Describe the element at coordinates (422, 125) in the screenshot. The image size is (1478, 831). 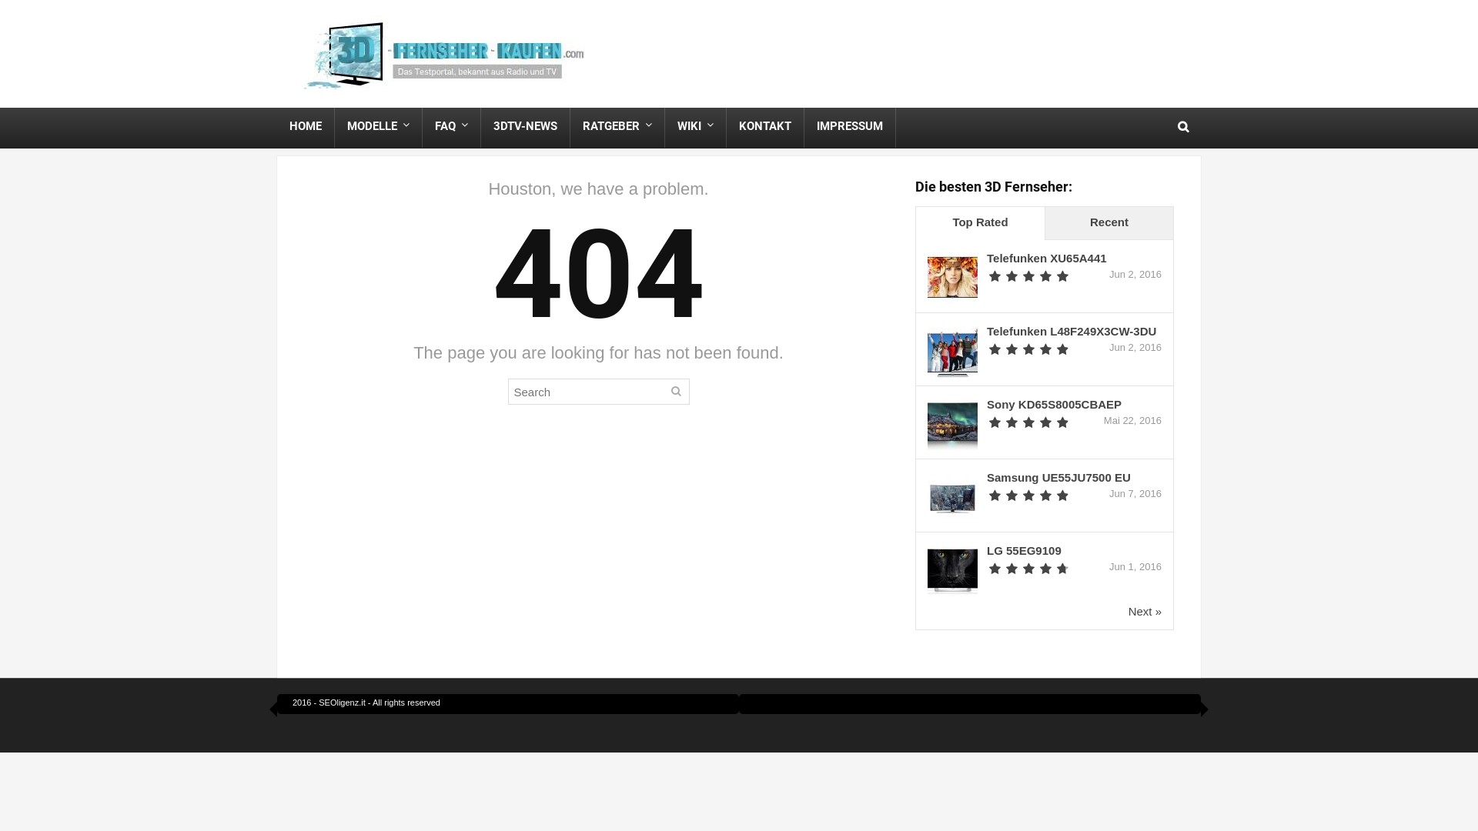
I see `'FAQ'` at that location.